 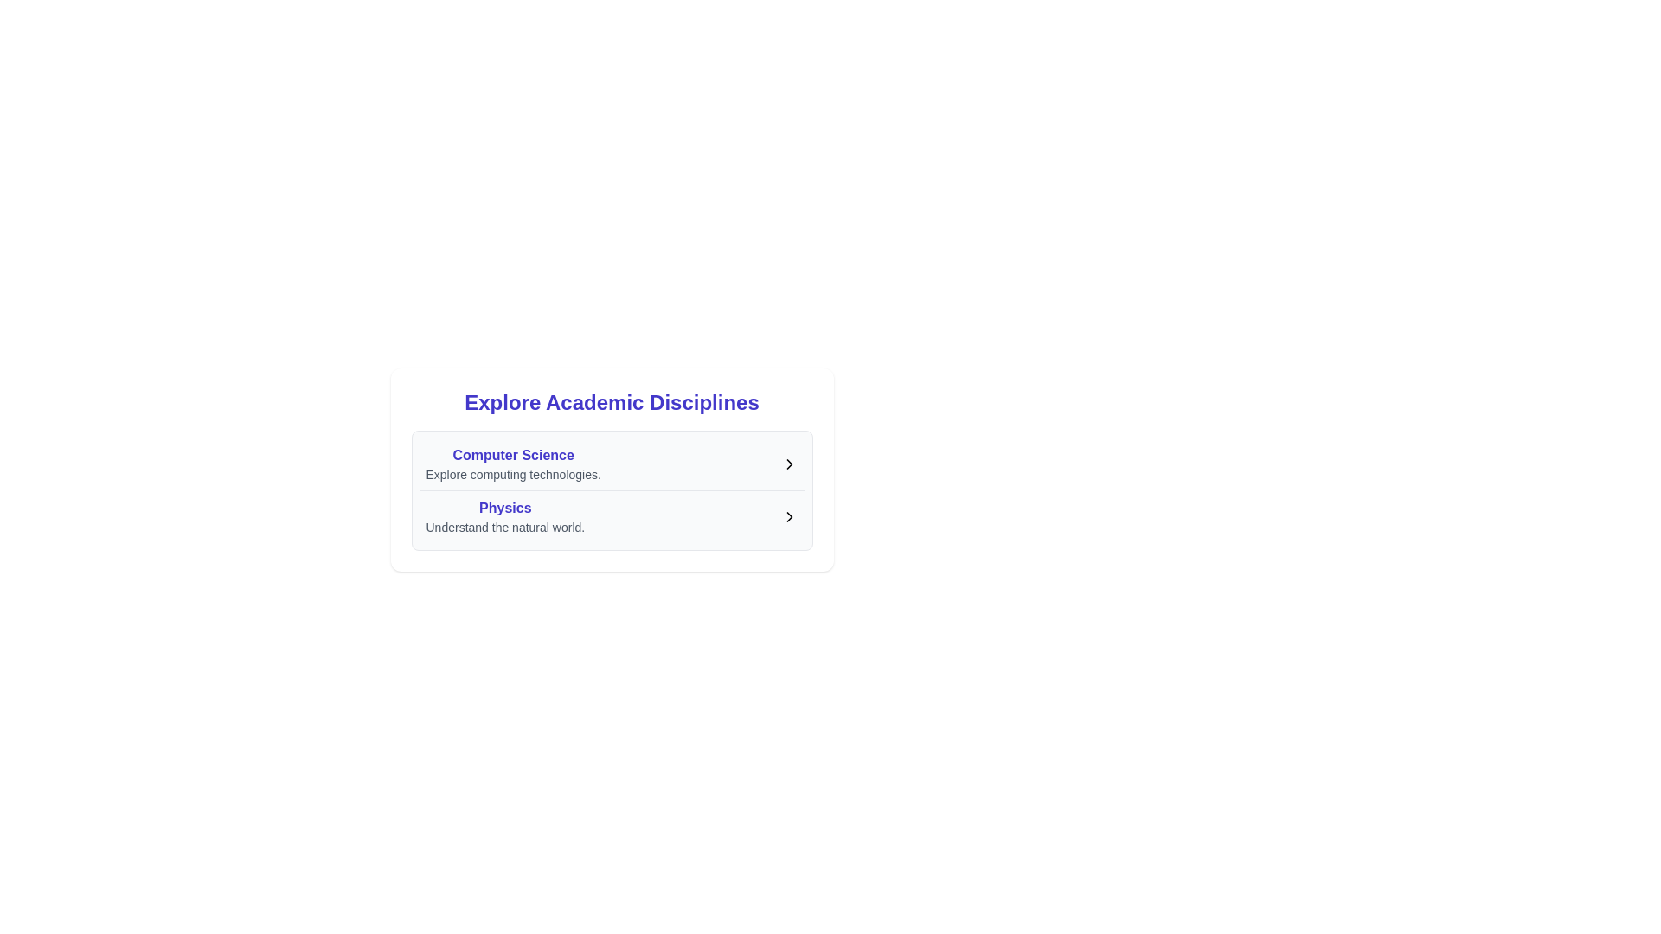 What do you see at coordinates (504, 507) in the screenshot?
I see `the 'Physics' text label` at bounding box center [504, 507].